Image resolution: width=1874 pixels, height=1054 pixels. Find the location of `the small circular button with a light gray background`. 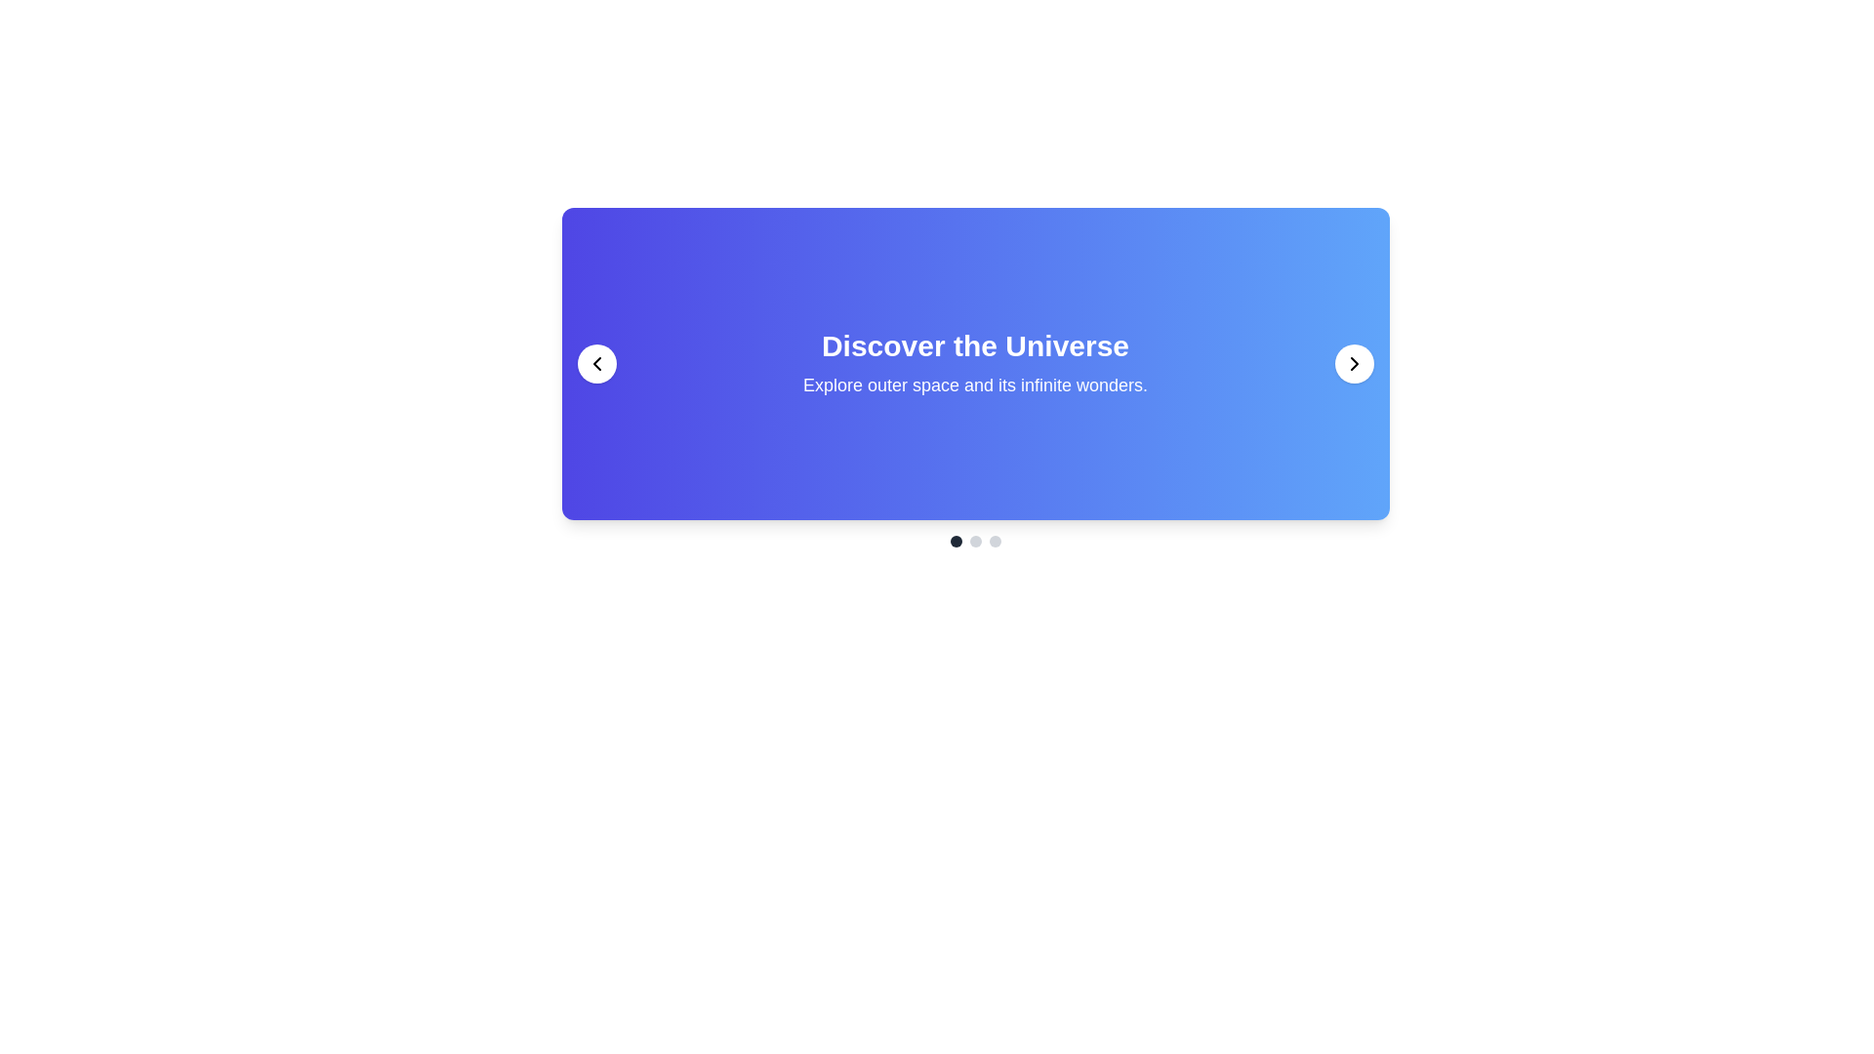

the small circular button with a light gray background is located at coordinates (975, 542).